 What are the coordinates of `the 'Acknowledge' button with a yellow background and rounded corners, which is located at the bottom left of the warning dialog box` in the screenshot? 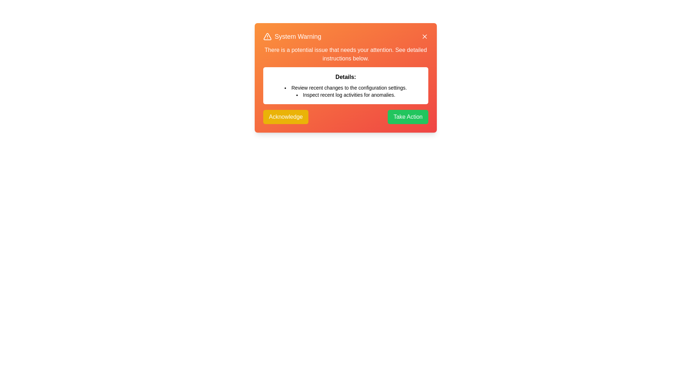 It's located at (286, 116).